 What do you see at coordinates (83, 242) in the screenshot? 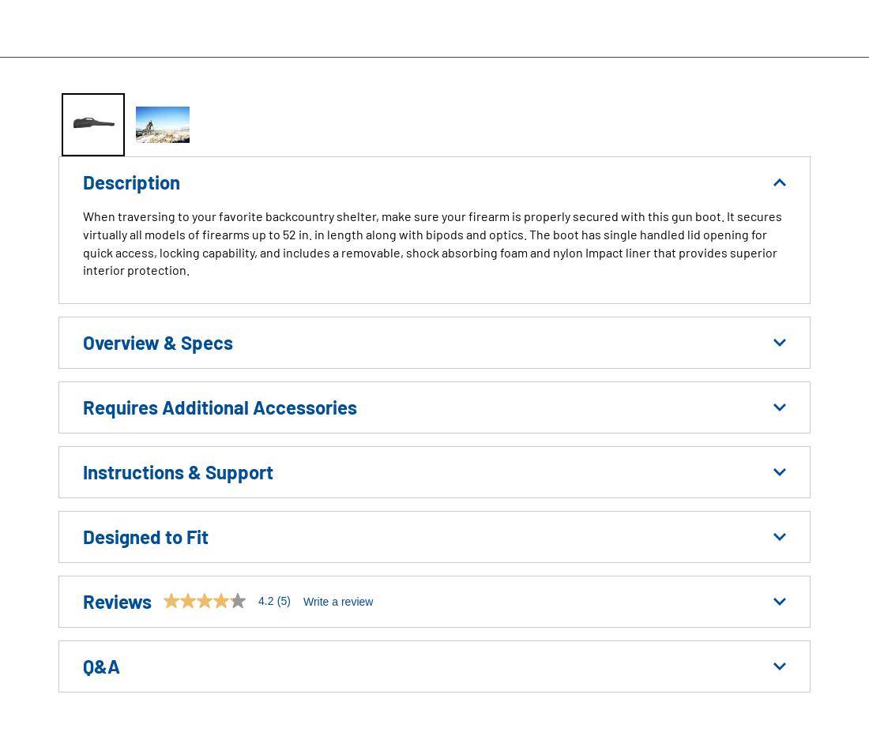
I see `'When traversing to your favorite backcountry shelter, make sure your firearm is properly secured with this gun boot. It secures virtually all models of firearms up to 52 in. in length along with bipods and optics. The boot has single handled lid opening for quick access, locking capability, and includes a removable, shock absorbing foam and nylon Impact liner that provides superior interior protection.'` at bounding box center [83, 242].